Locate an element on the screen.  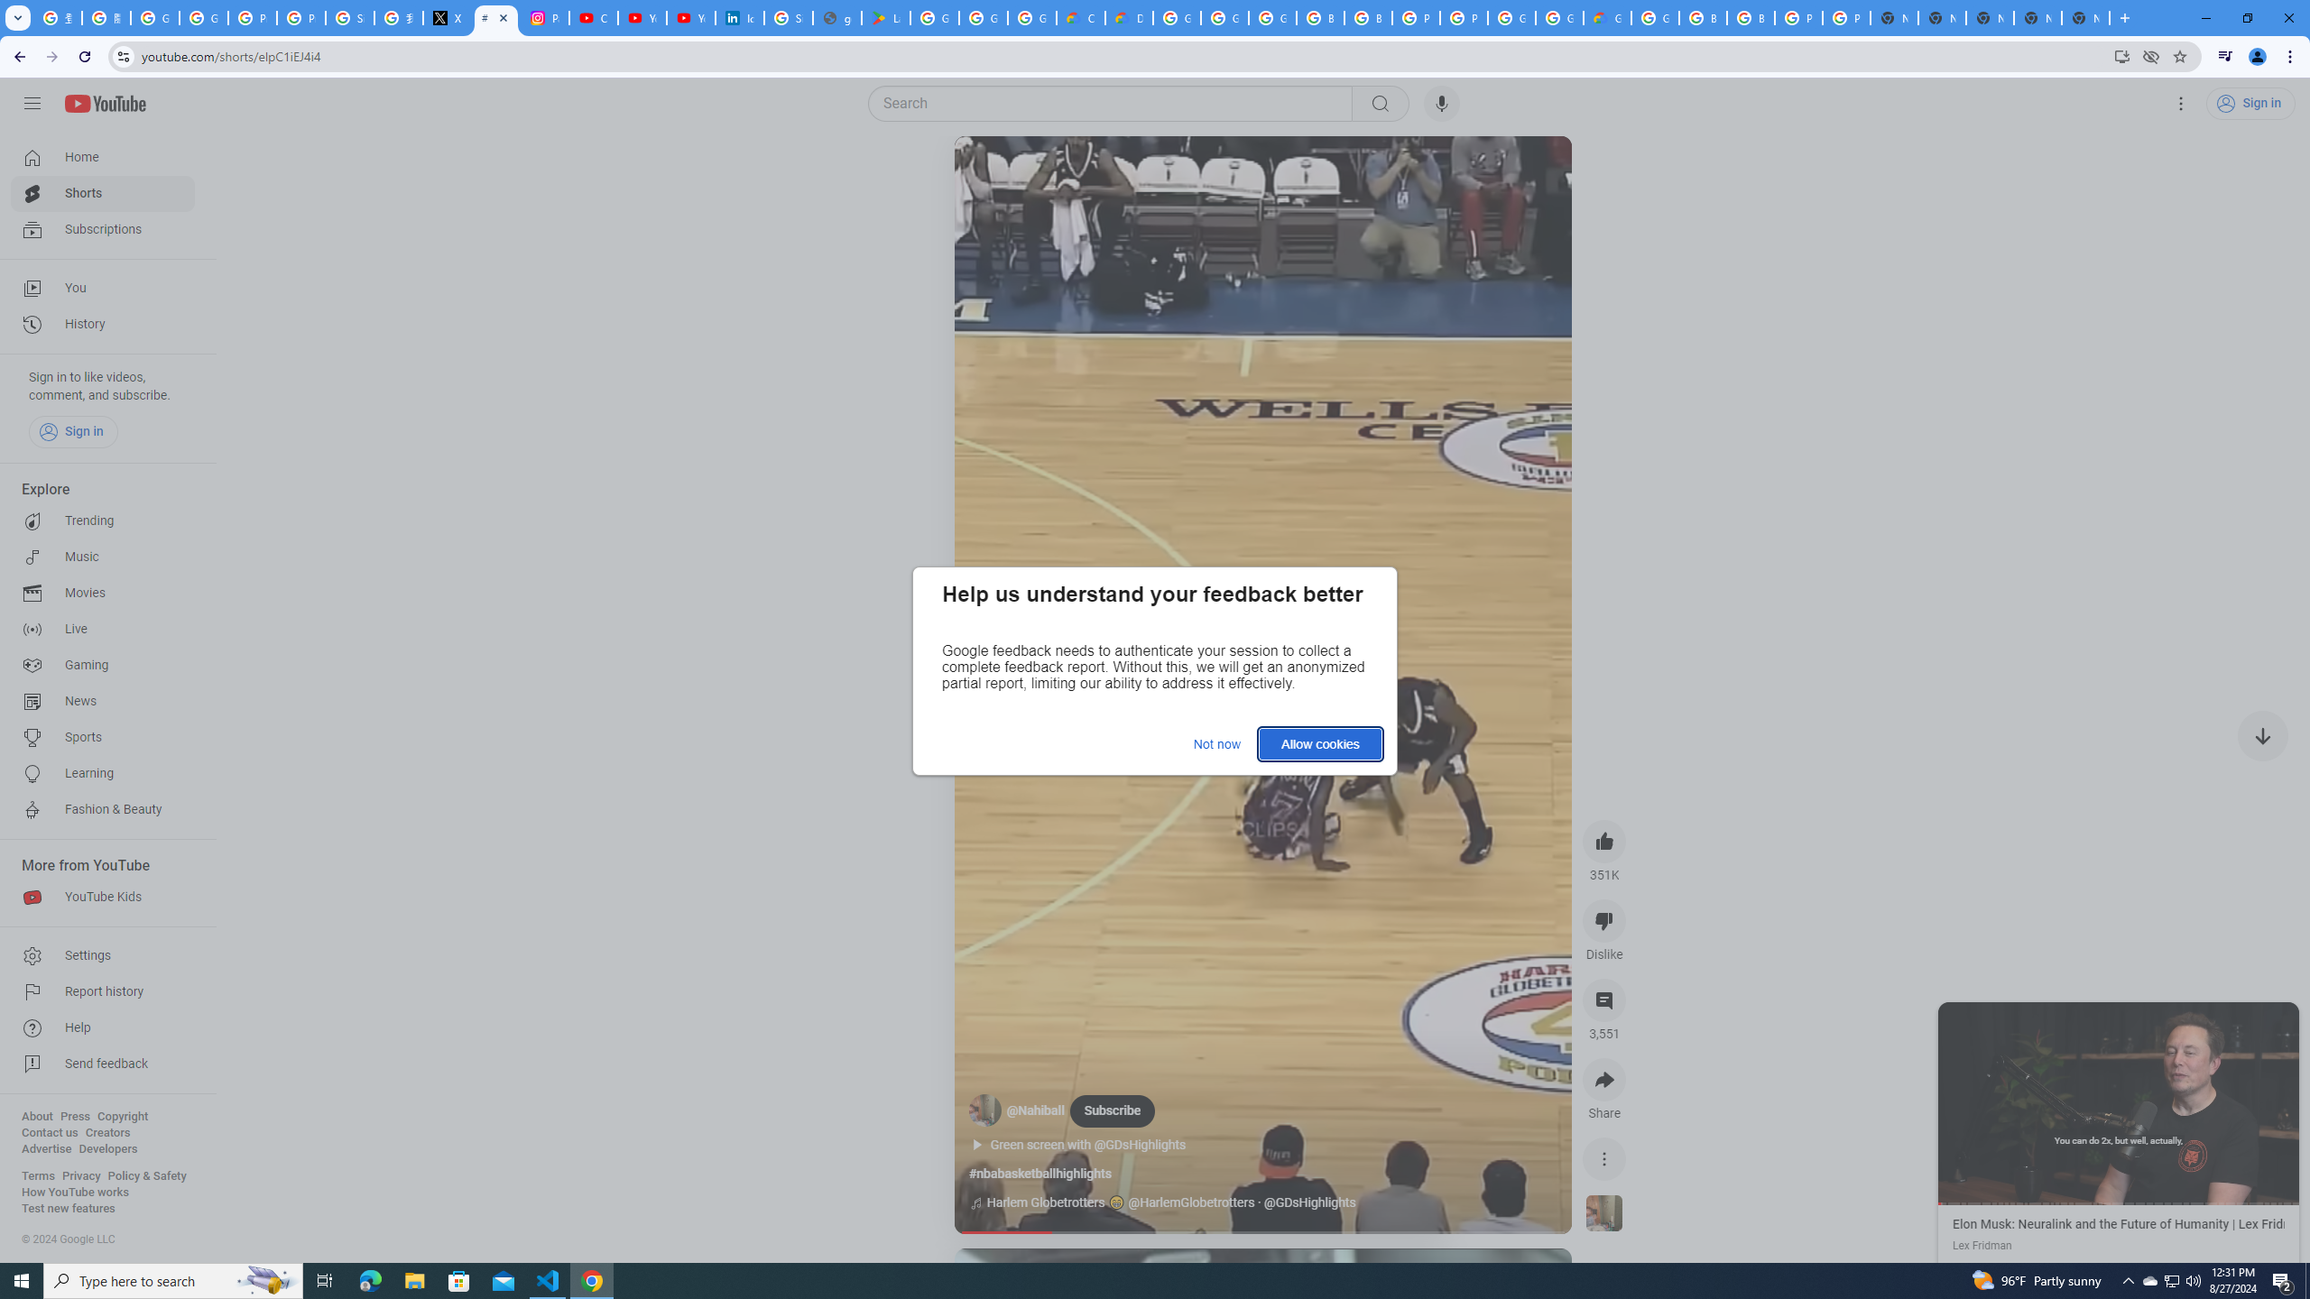
'Install YouTube' is located at coordinates (2121, 55).